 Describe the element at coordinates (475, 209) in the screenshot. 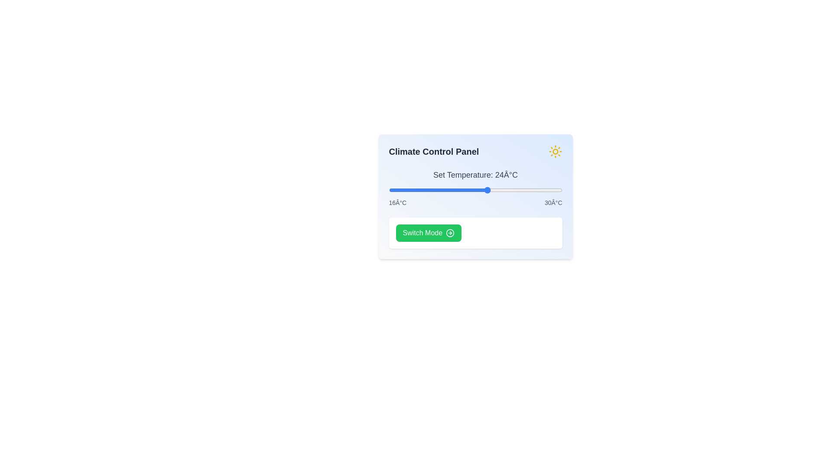

I see `the current temperature value displayed above the temperature slider control titled 'Set Temperature: 24°C'` at that location.